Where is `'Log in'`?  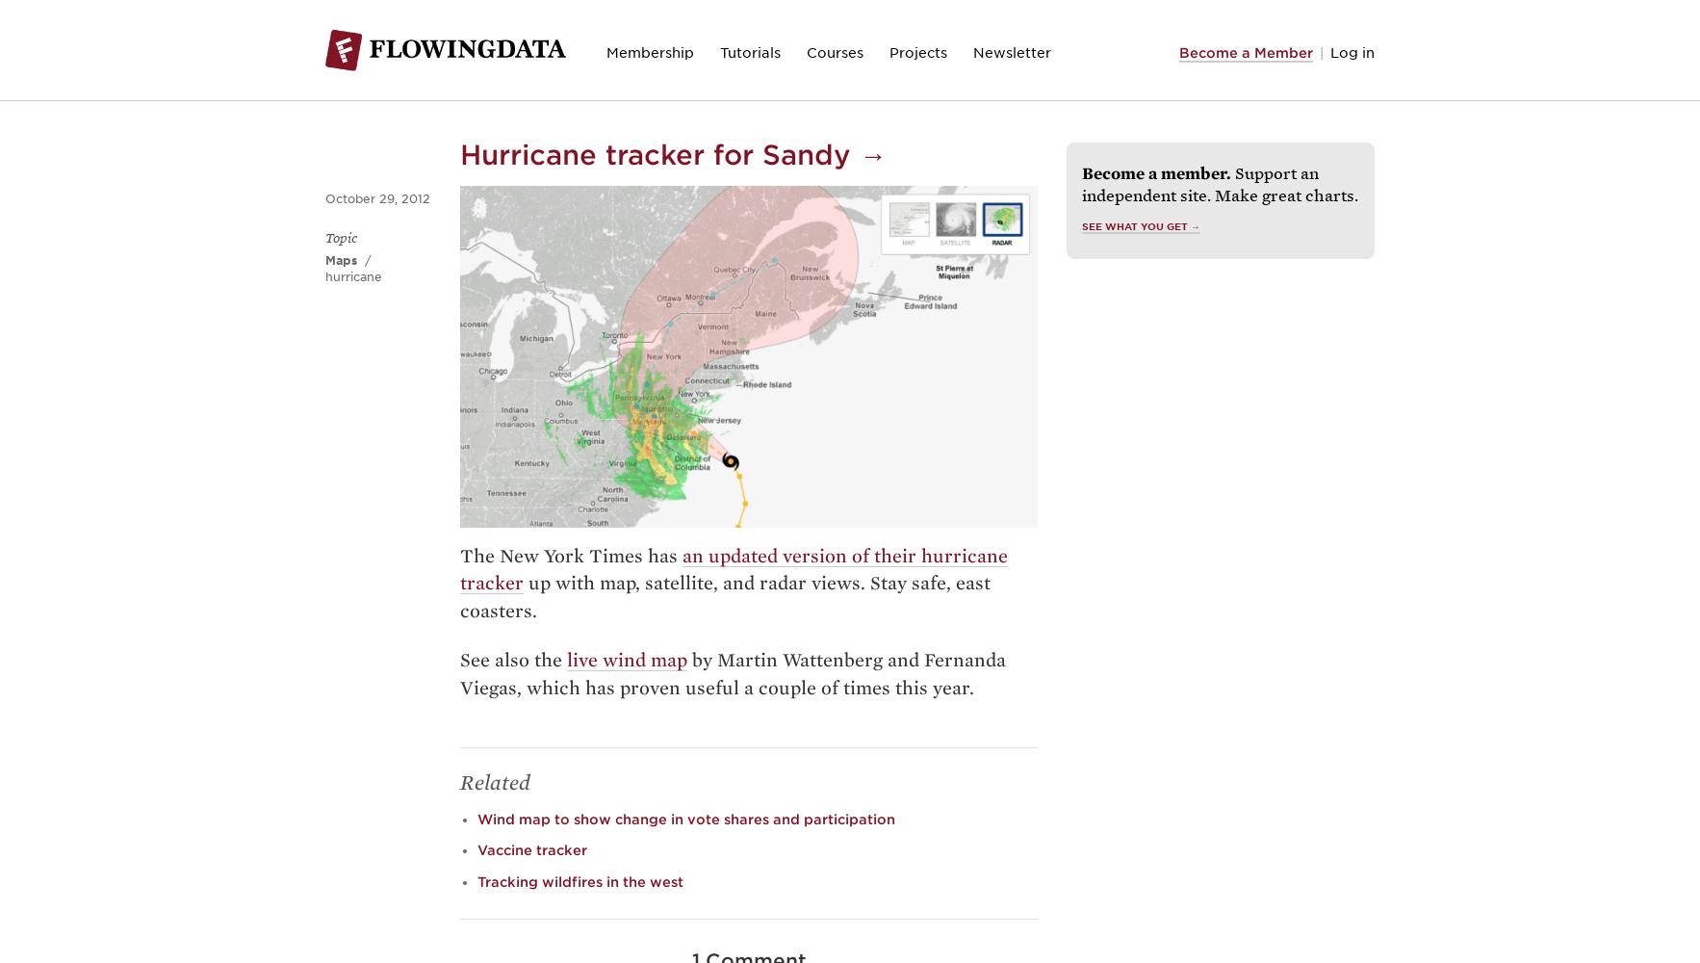 'Log in' is located at coordinates (1352, 52).